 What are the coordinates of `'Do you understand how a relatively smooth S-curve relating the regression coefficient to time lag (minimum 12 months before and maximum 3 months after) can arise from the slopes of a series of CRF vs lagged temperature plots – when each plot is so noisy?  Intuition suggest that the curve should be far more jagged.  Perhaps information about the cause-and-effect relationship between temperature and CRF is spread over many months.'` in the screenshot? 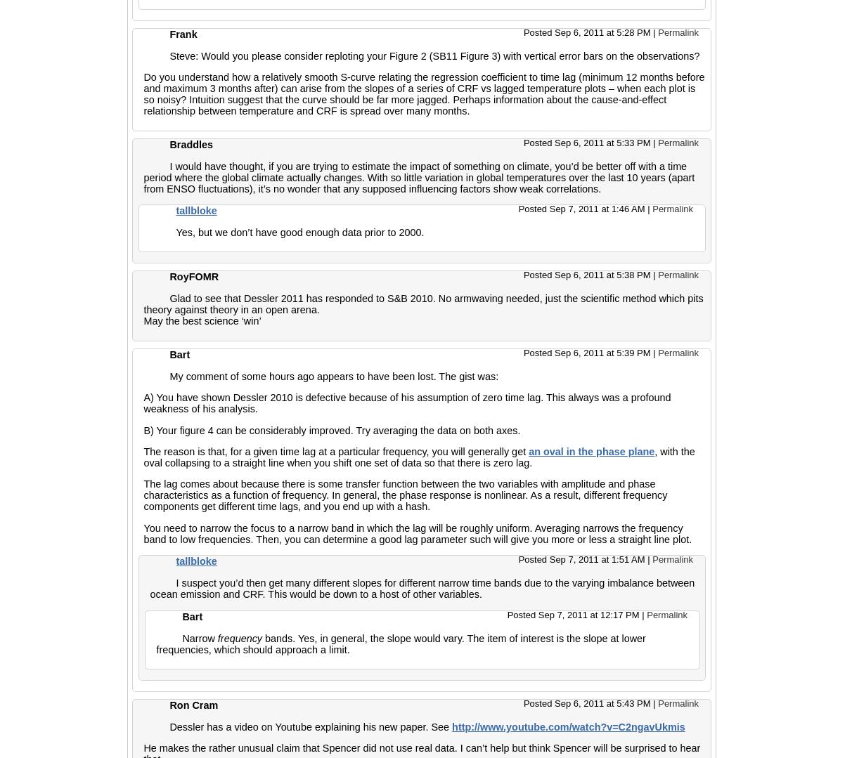 It's located at (423, 93).